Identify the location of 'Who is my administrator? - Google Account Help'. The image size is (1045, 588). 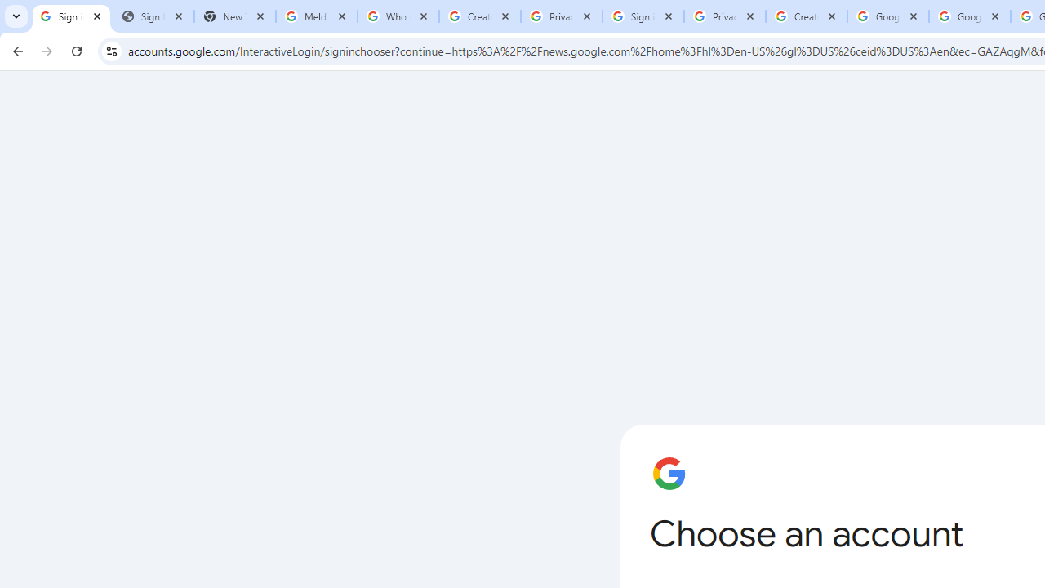
(398, 16).